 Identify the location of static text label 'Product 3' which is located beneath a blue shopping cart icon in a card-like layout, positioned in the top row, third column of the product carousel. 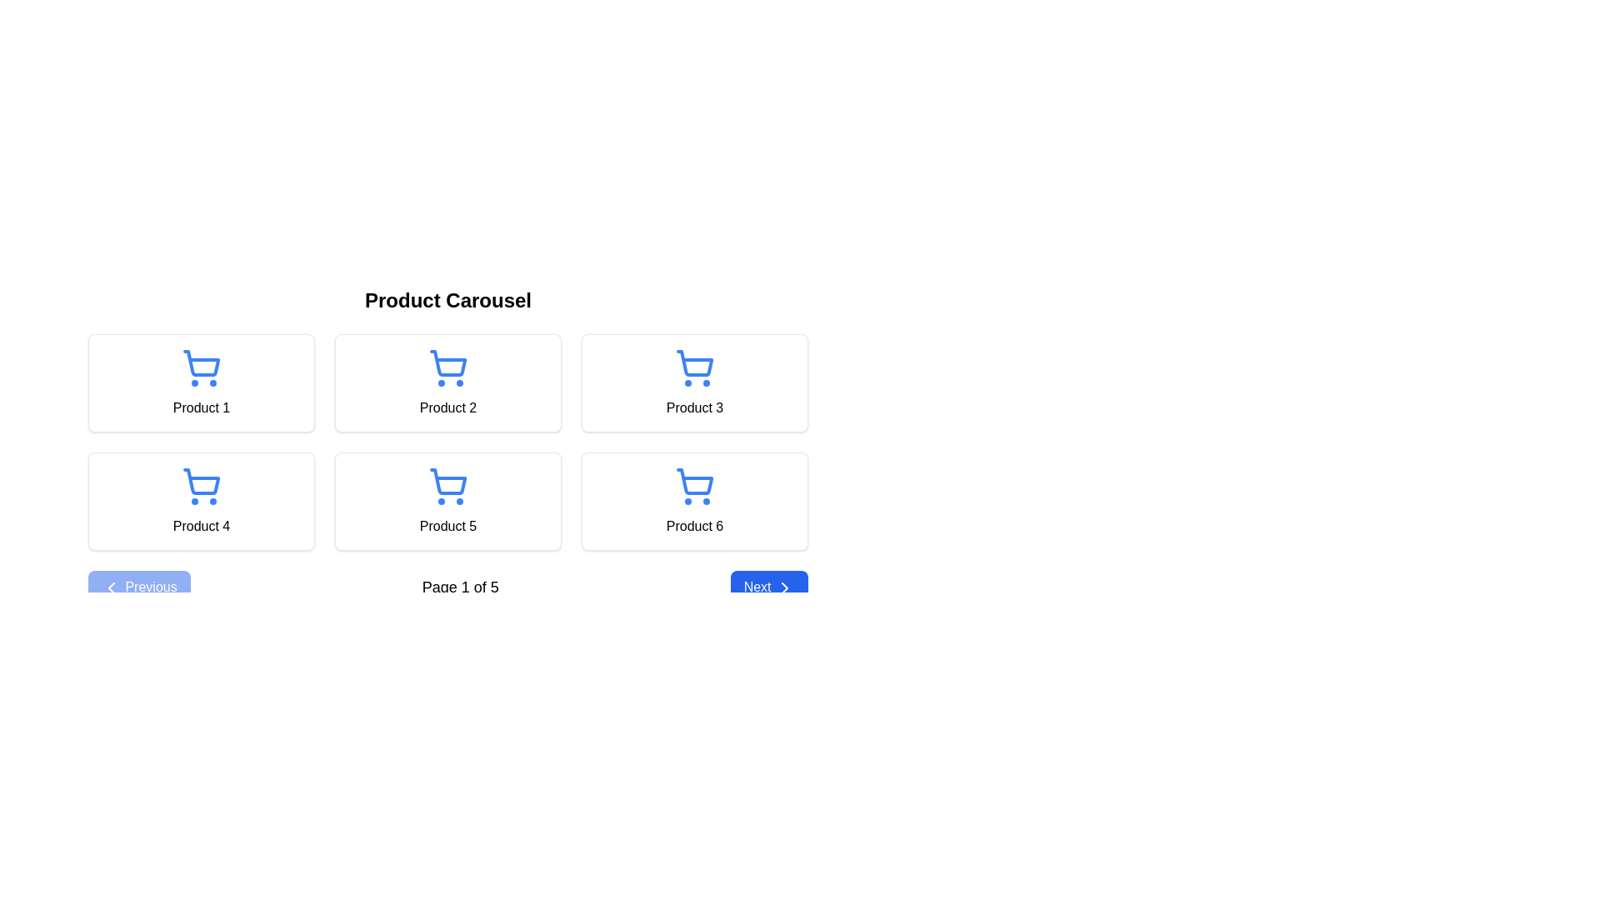
(695, 407).